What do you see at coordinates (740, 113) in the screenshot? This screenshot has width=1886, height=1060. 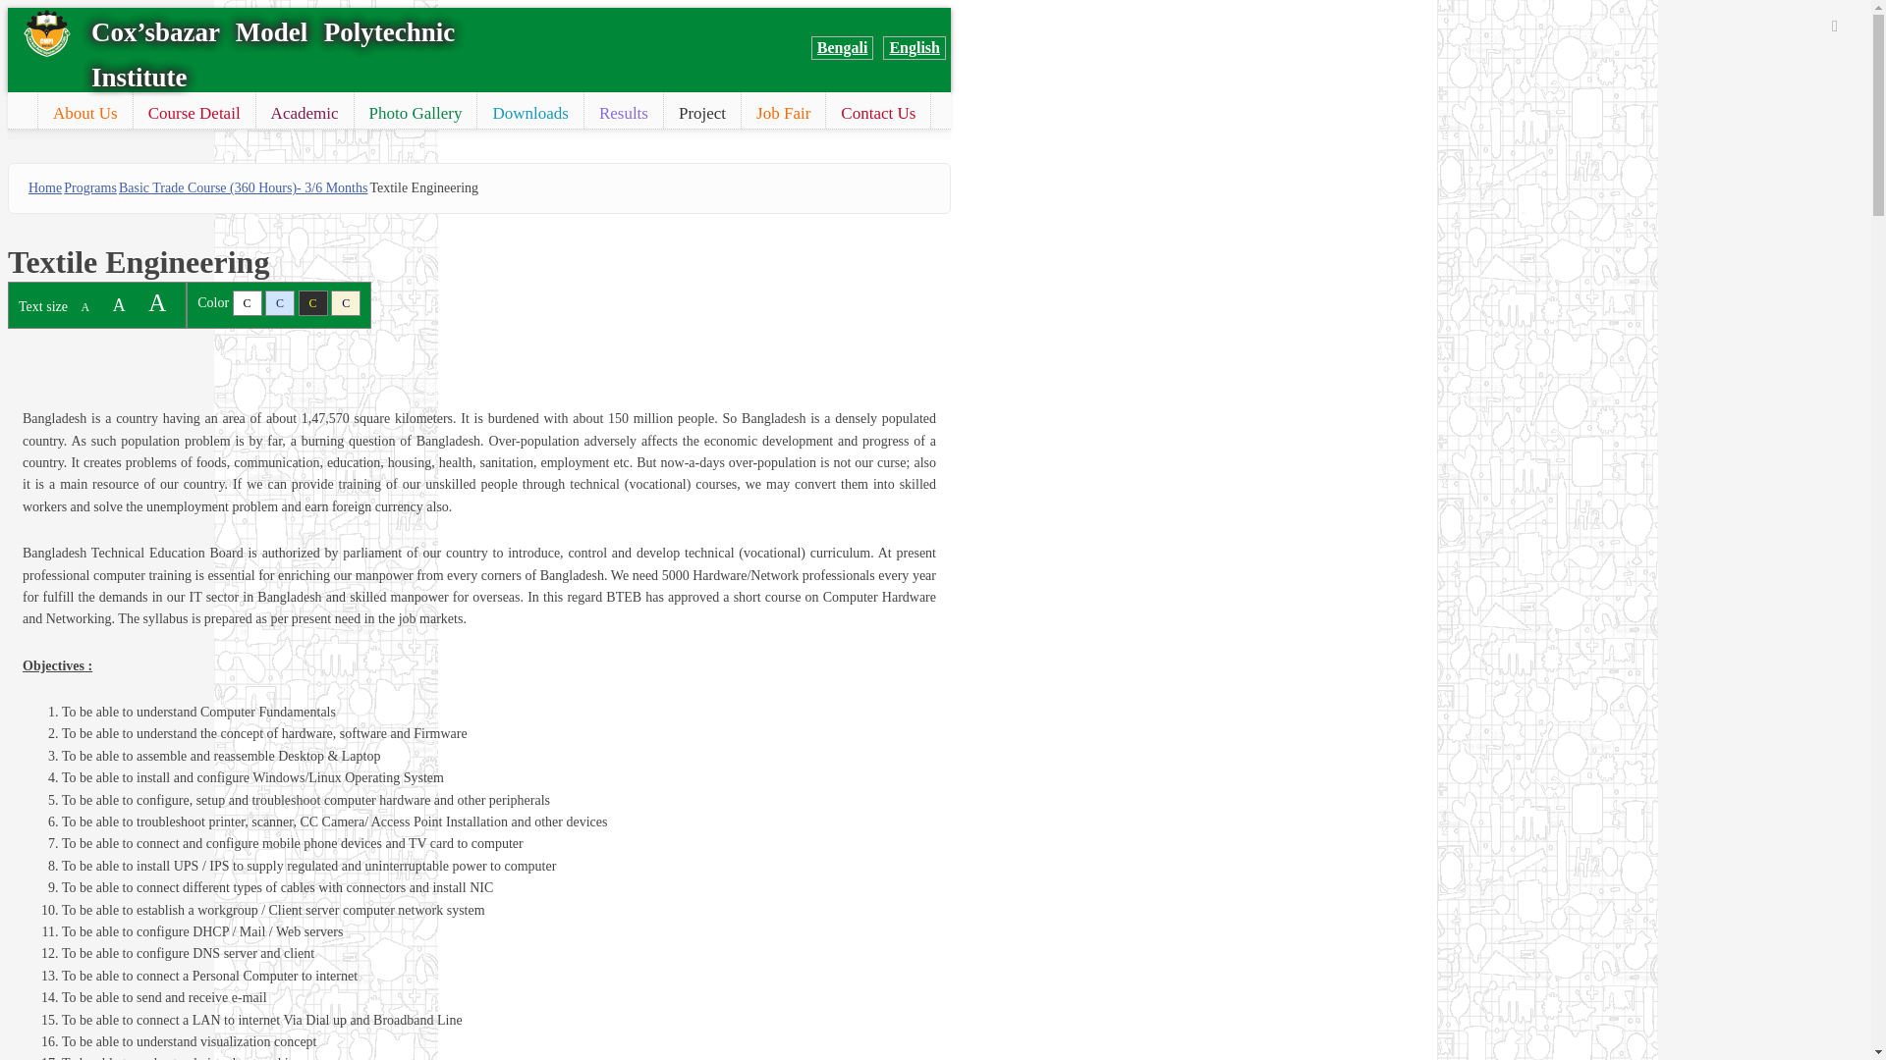 I see `'Job Fair'` at bounding box center [740, 113].